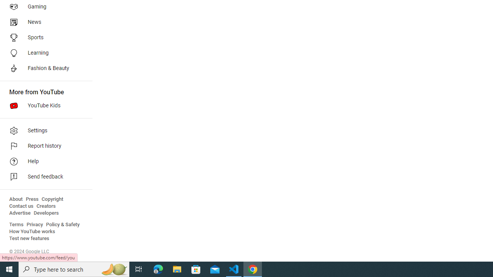  What do you see at coordinates (46, 213) in the screenshot?
I see `'Developers'` at bounding box center [46, 213].